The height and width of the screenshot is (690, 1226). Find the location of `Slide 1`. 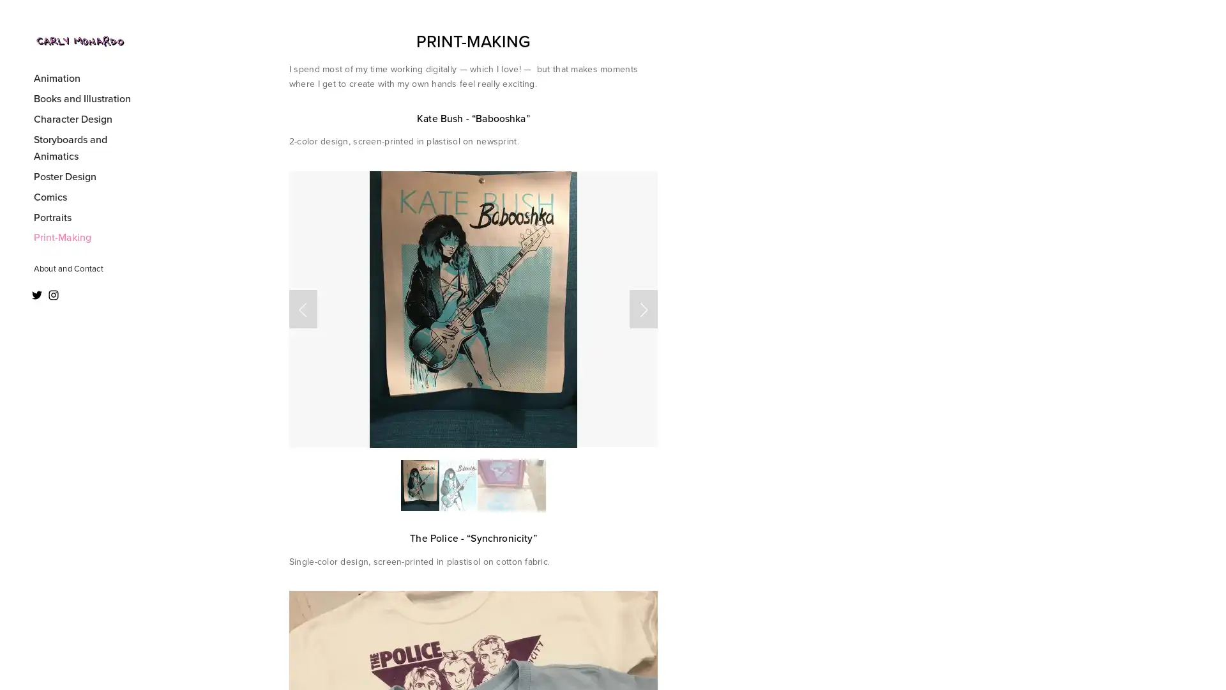

Slide 1 is located at coordinates (420, 485).